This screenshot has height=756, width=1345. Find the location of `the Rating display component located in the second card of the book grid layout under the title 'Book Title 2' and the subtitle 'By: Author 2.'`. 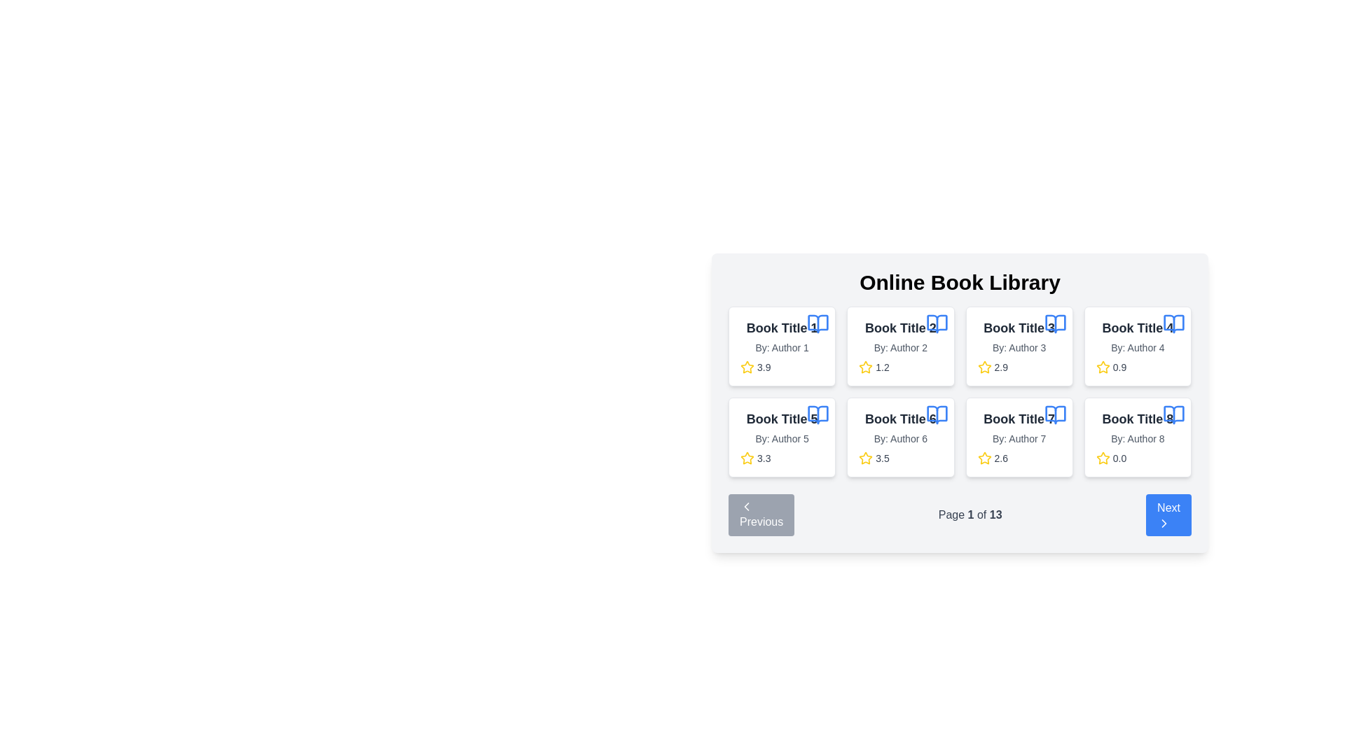

the Rating display component located in the second card of the book grid layout under the title 'Book Title 2' and the subtitle 'By: Author 2.' is located at coordinates (900, 366).